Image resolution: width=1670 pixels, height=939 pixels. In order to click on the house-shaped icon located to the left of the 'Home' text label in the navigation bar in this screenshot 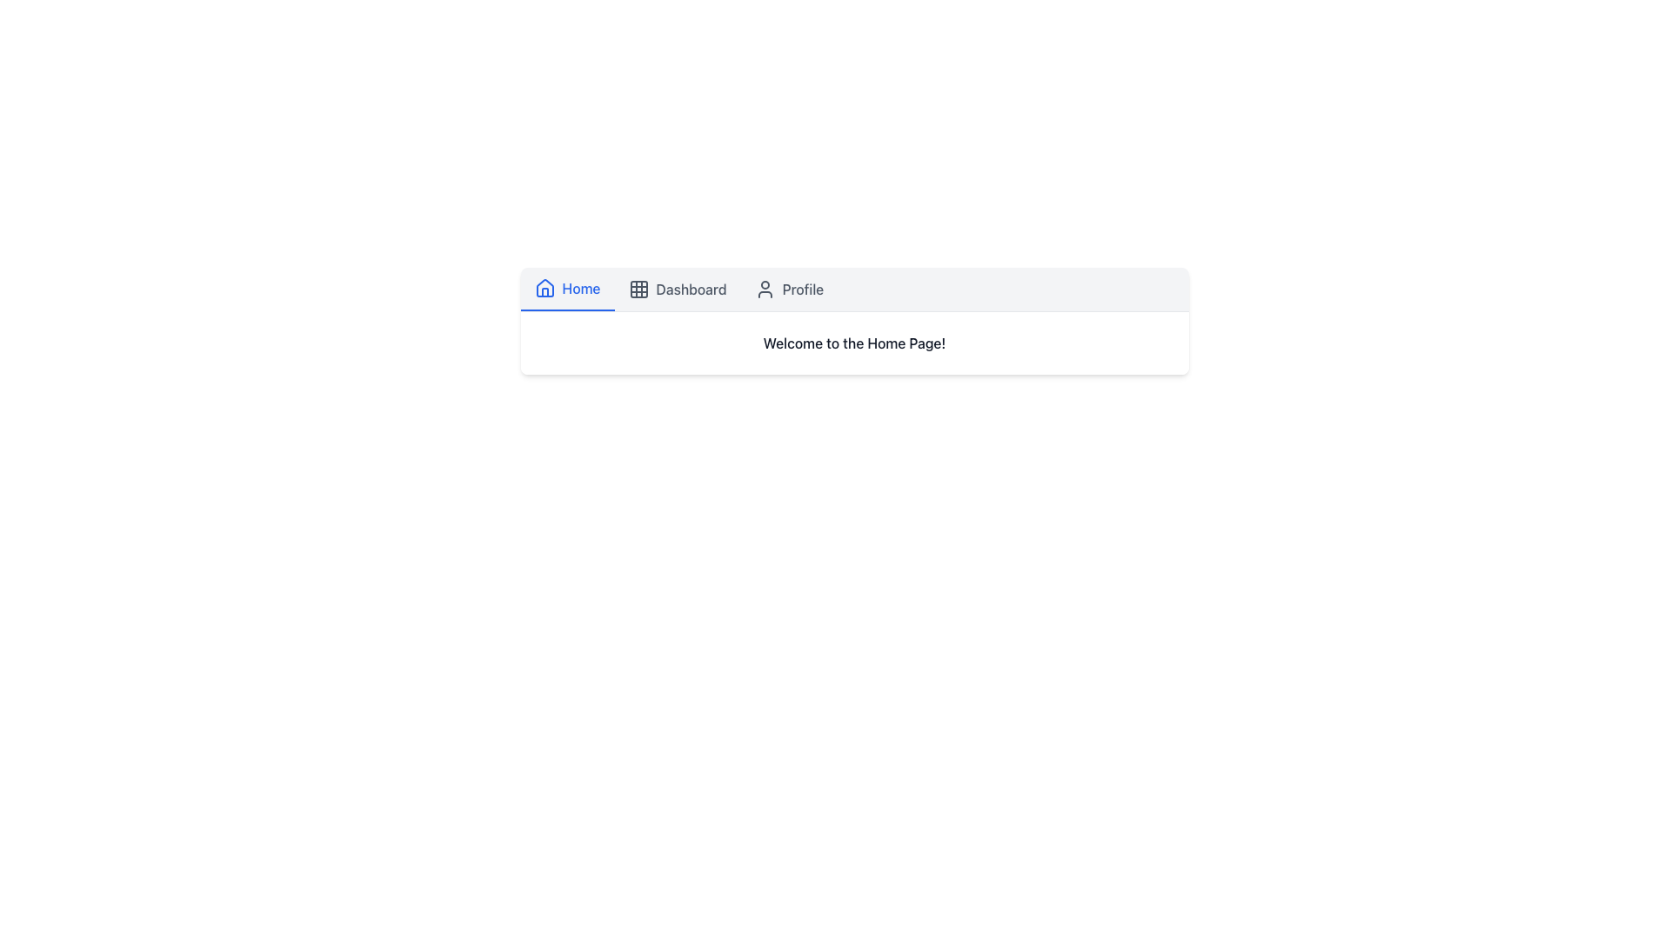, I will do `click(544, 287)`.